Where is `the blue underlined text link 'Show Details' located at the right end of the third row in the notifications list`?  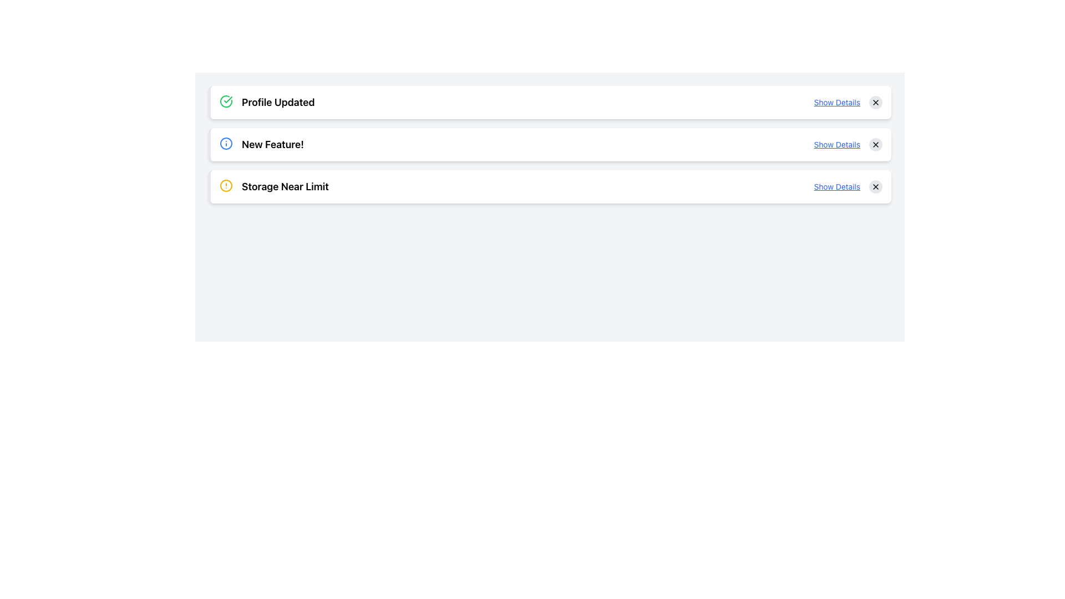 the blue underlined text link 'Show Details' located at the right end of the third row in the notifications list is located at coordinates (836, 186).